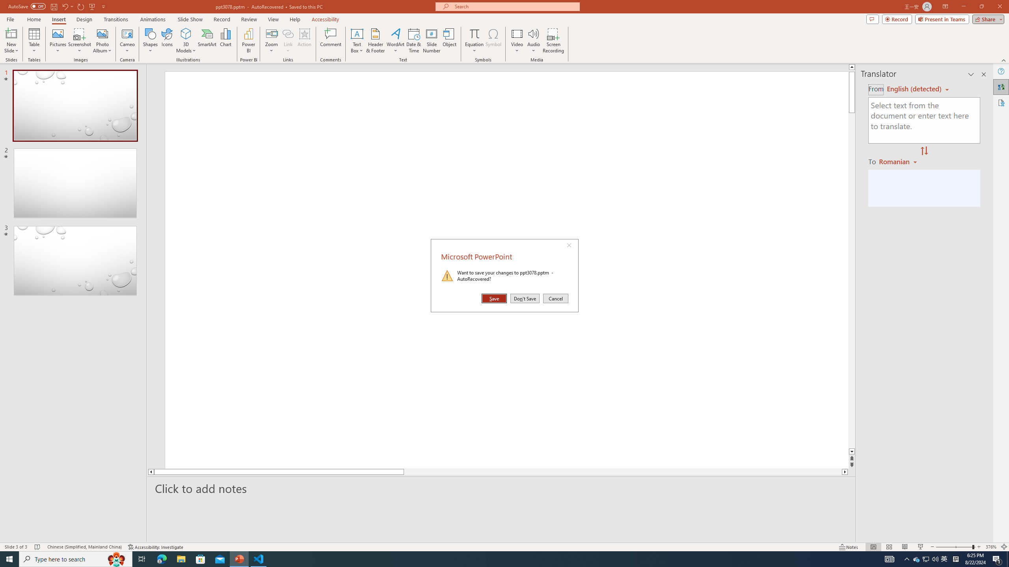  Describe the element at coordinates (287, 41) in the screenshot. I see `'Link'` at that location.